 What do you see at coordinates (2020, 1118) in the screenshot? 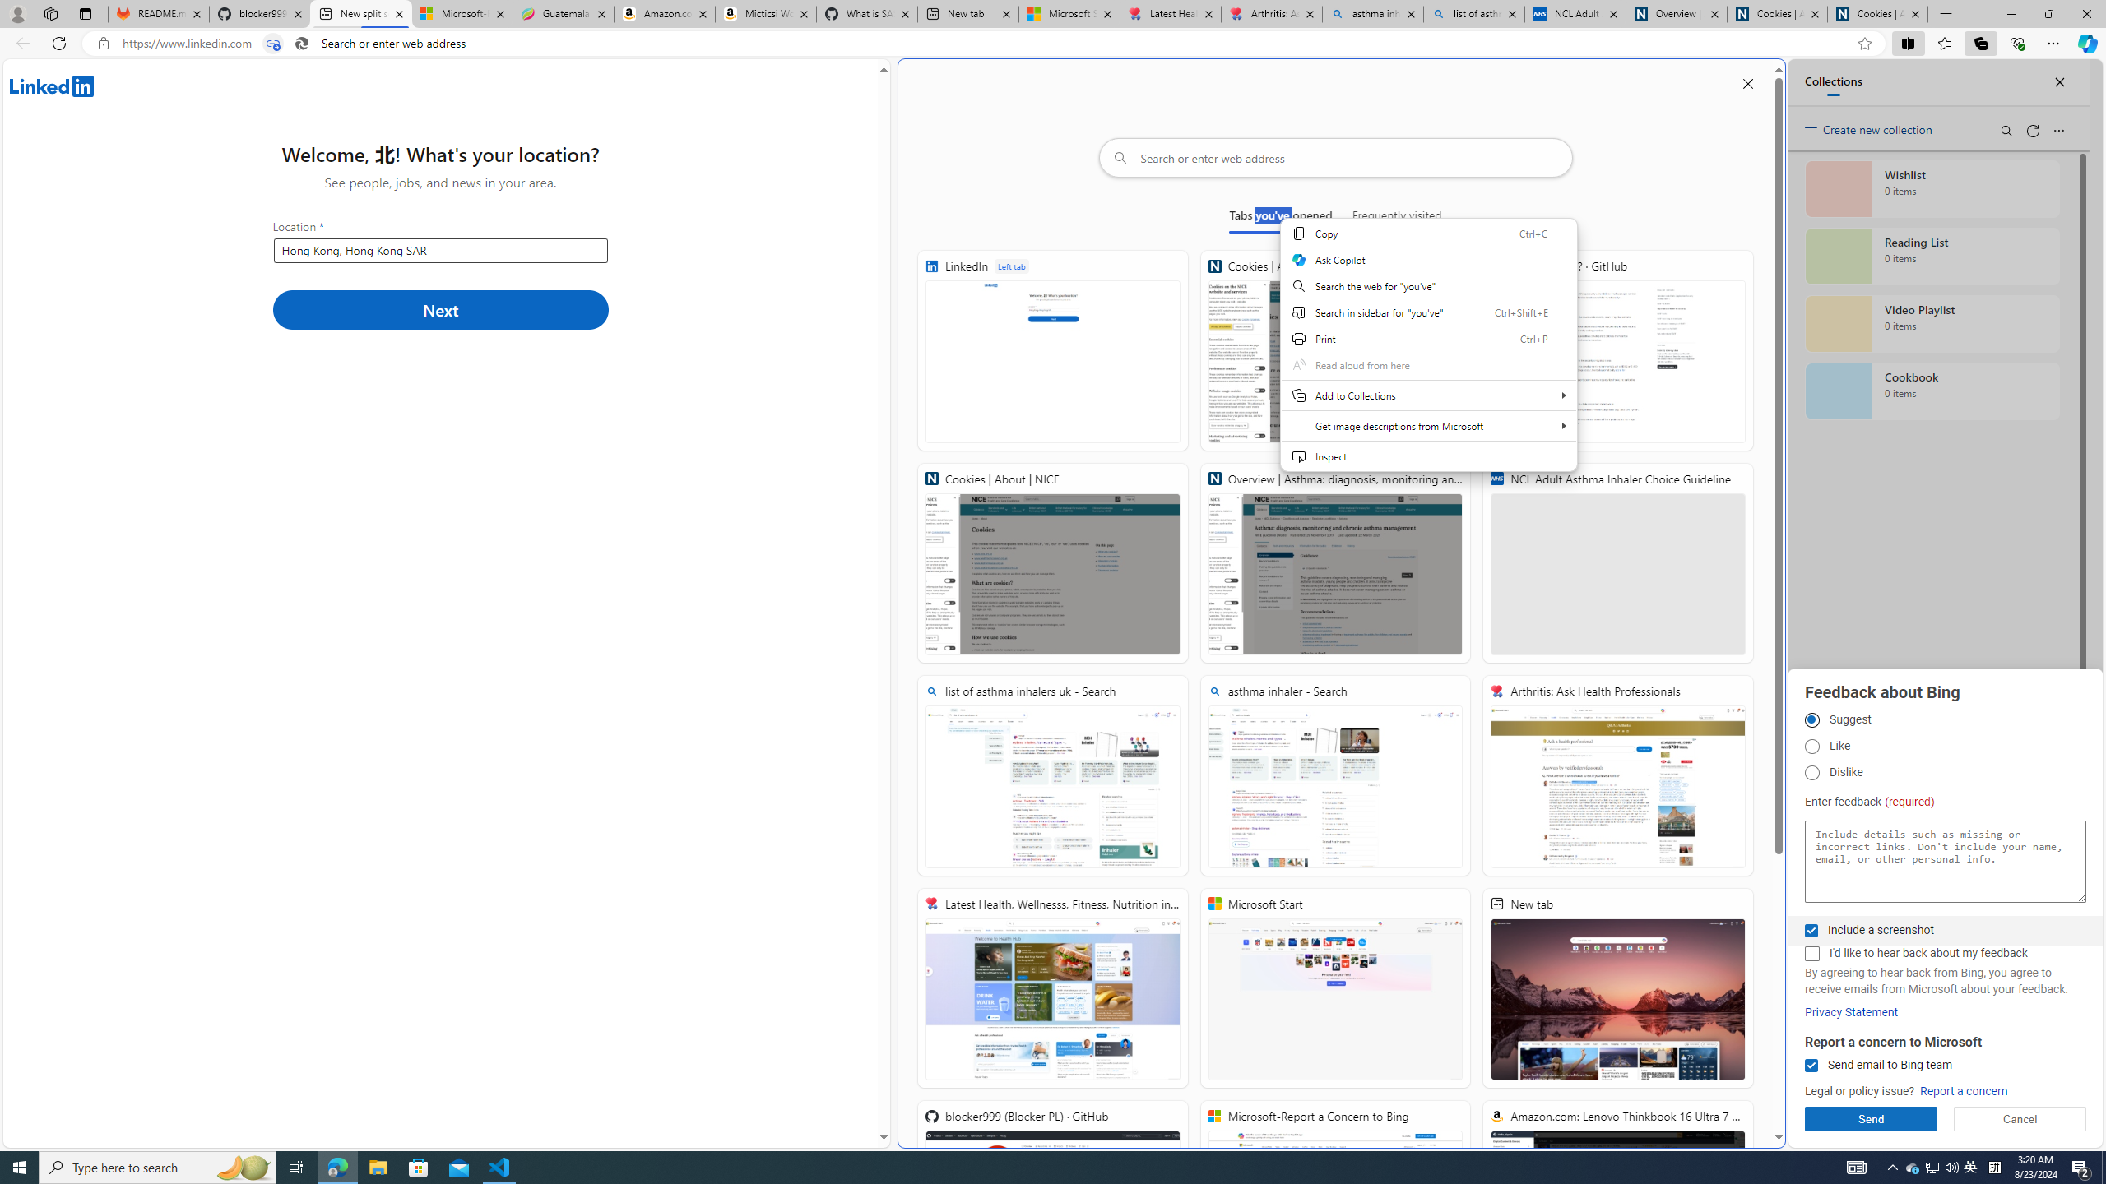
I see `'Cancel'` at bounding box center [2020, 1118].